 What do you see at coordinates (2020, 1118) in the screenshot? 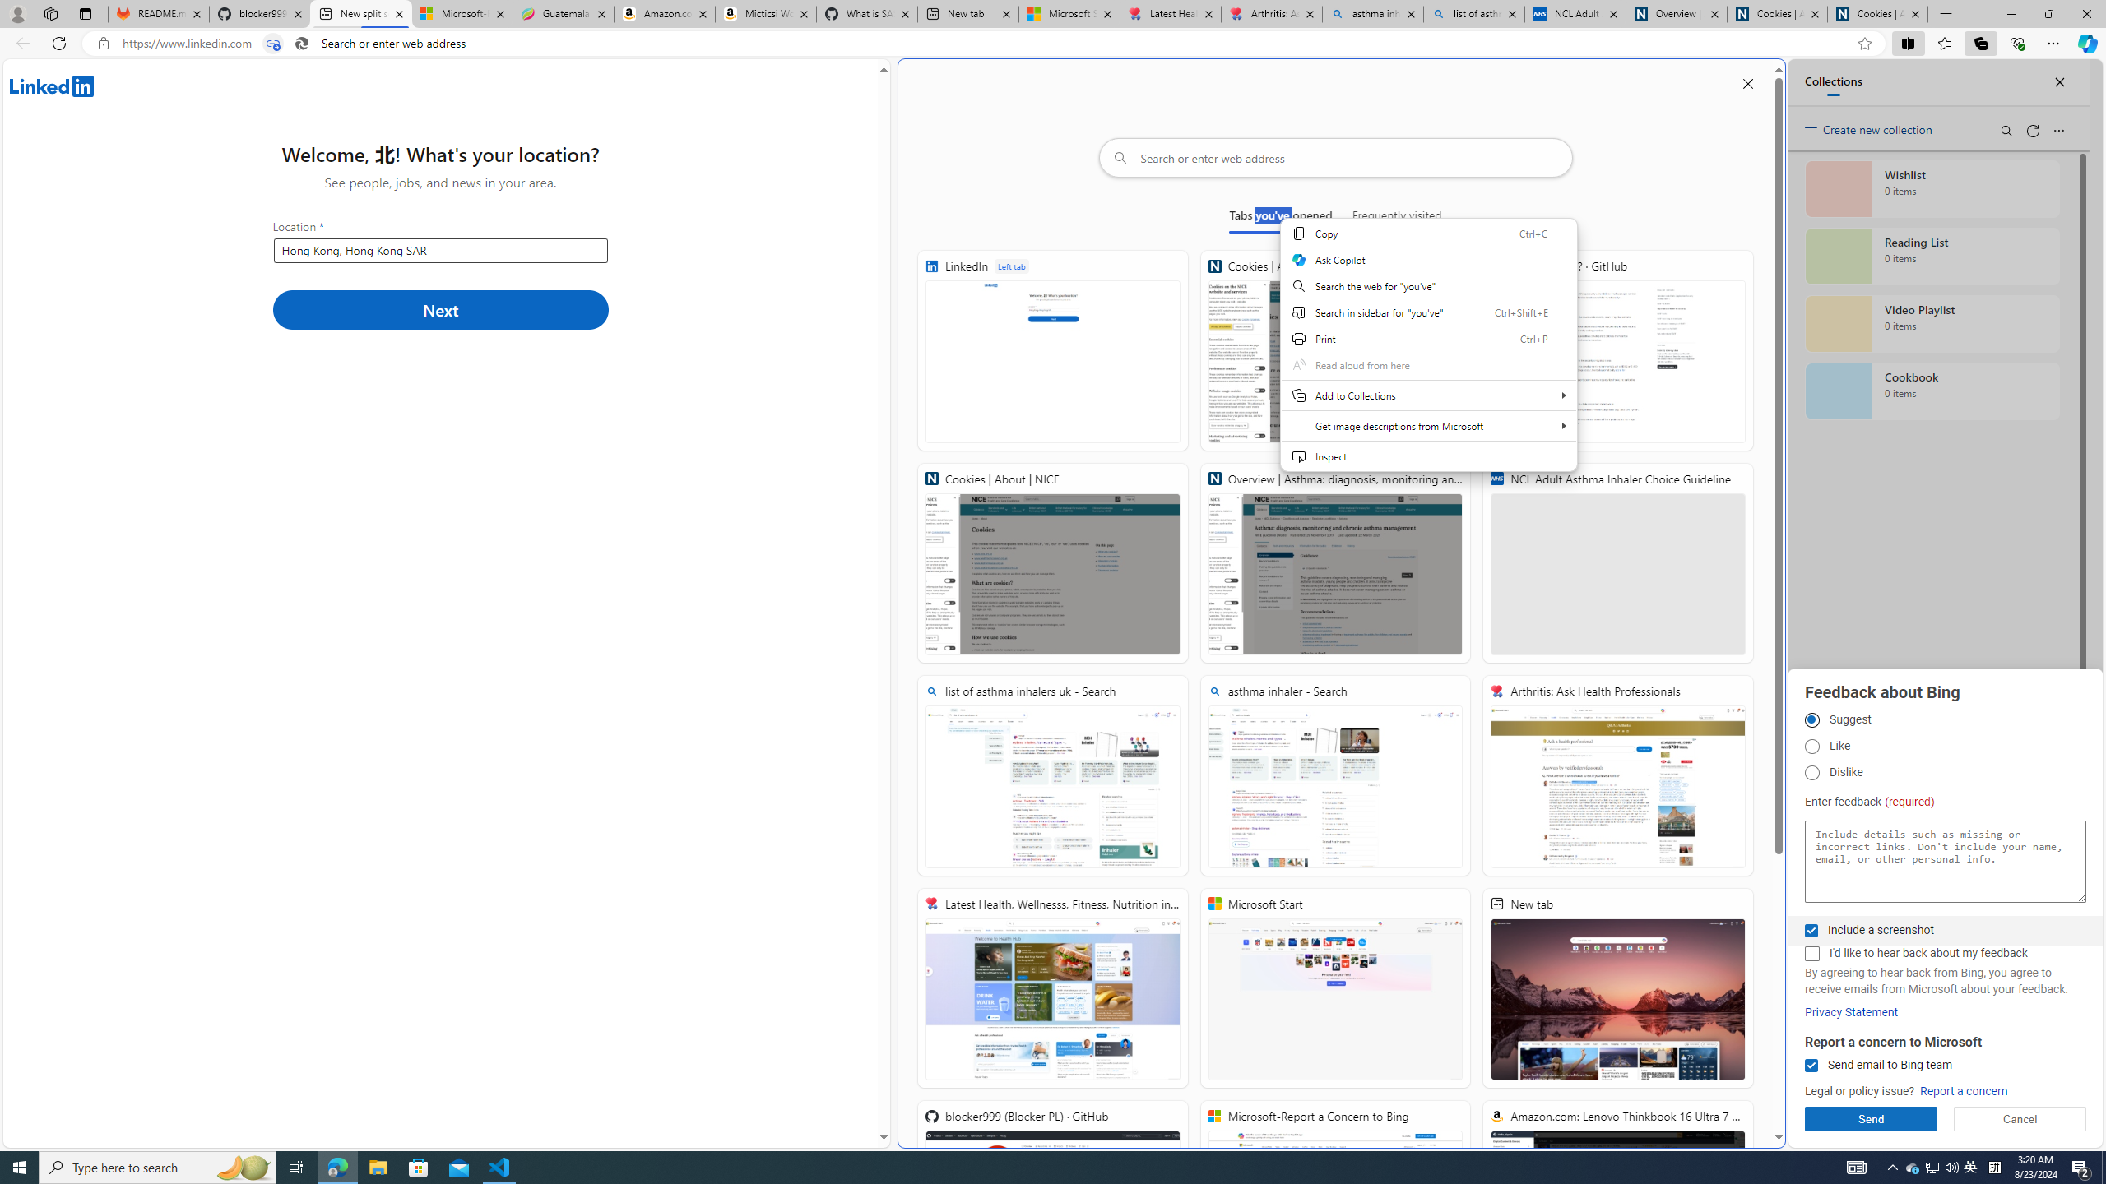
I see `'Cancel'` at bounding box center [2020, 1118].